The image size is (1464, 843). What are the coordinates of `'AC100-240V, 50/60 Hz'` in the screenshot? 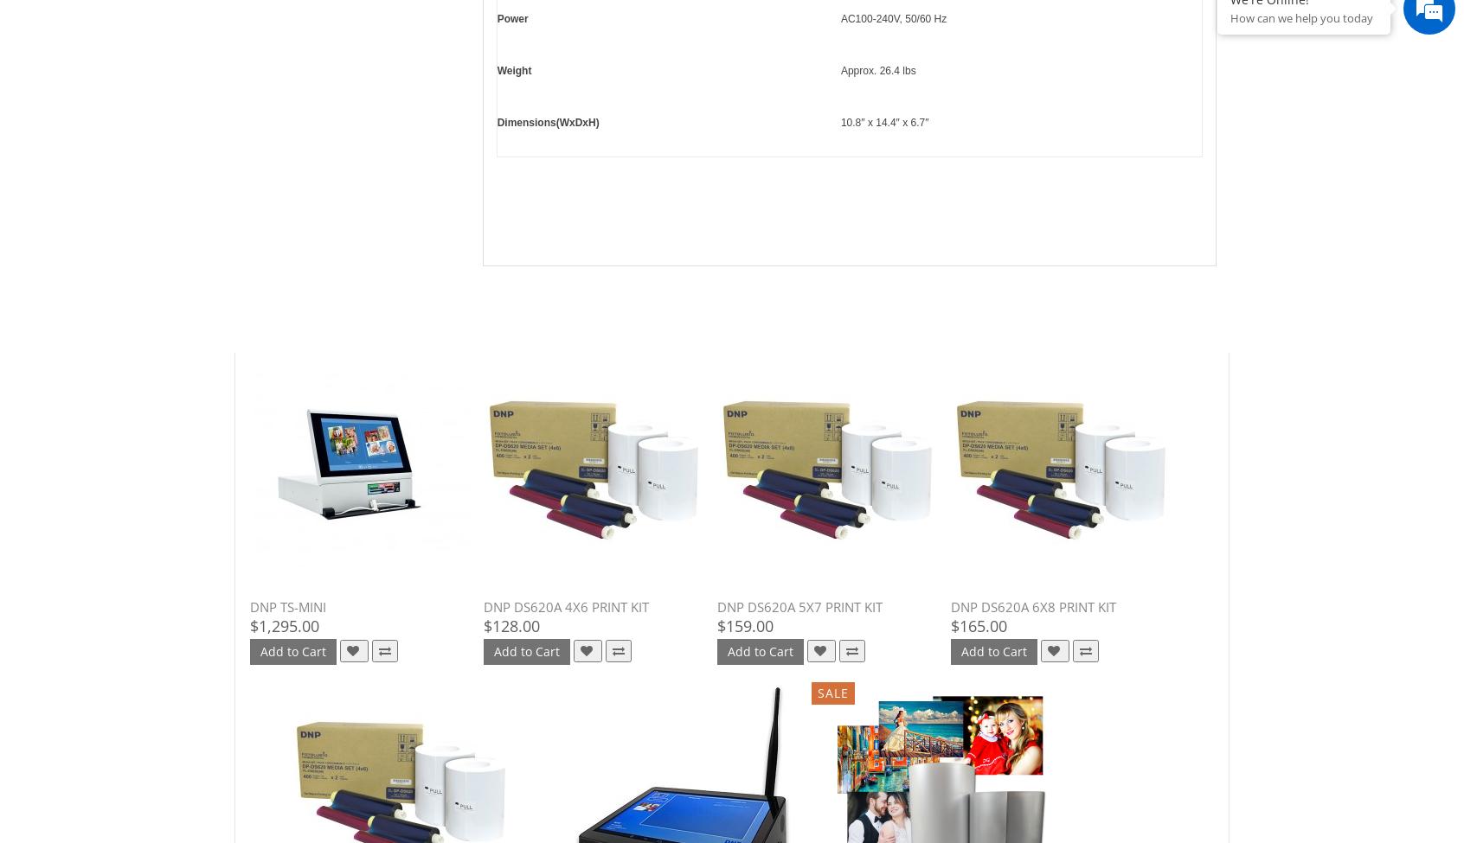 It's located at (840, 19).